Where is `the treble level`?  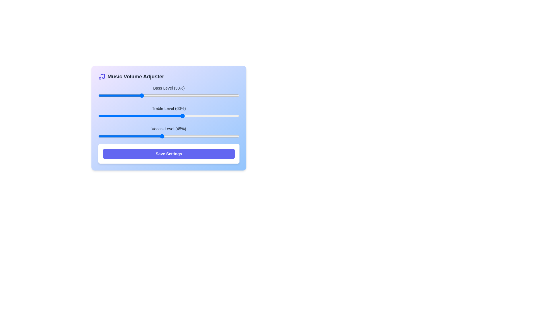
the treble level is located at coordinates (105, 116).